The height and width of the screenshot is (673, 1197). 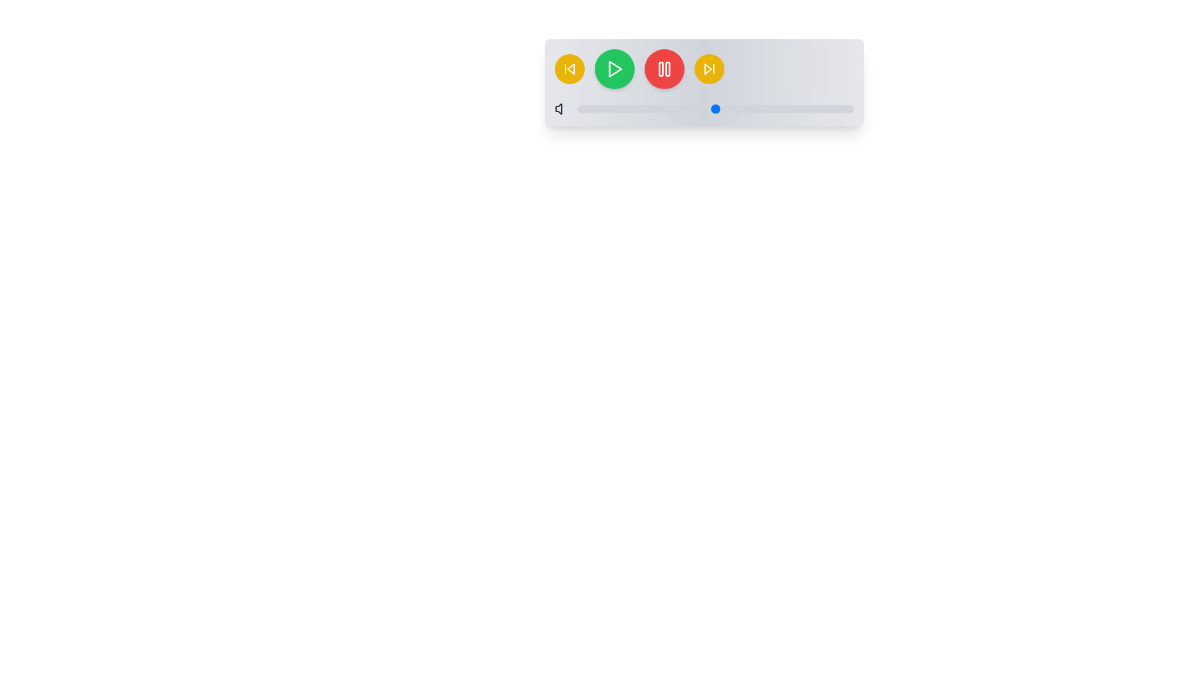 I want to click on the left-pointing arrowhead icon within the circular yellow button on the far left of the media control bar to skip back to the previous media item or segment, so click(x=570, y=69).